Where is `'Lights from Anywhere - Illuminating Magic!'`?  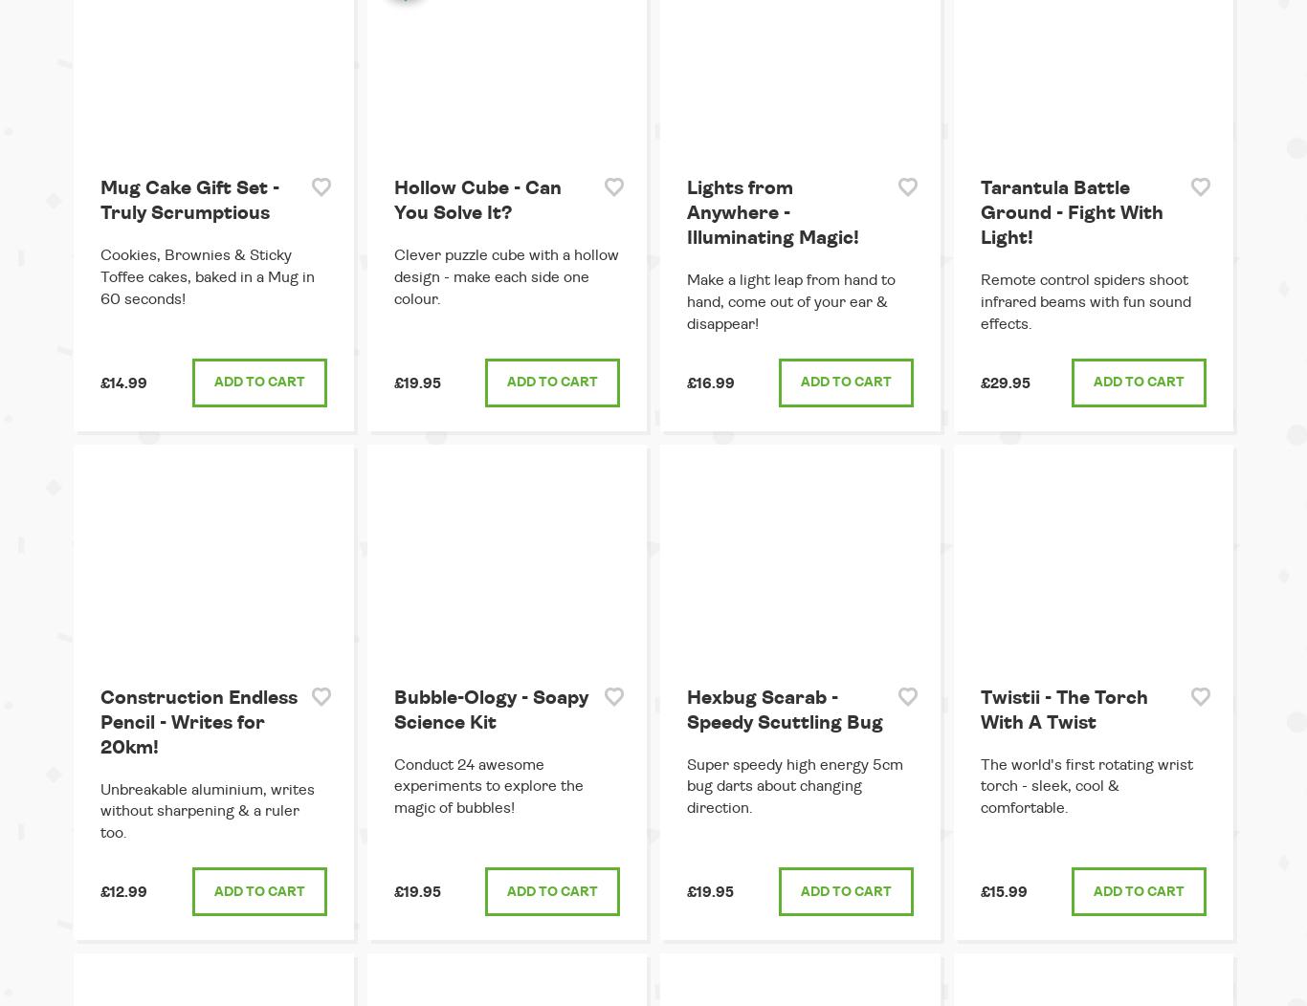 'Lights from Anywhere - Illuminating Magic!' is located at coordinates (771, 212).